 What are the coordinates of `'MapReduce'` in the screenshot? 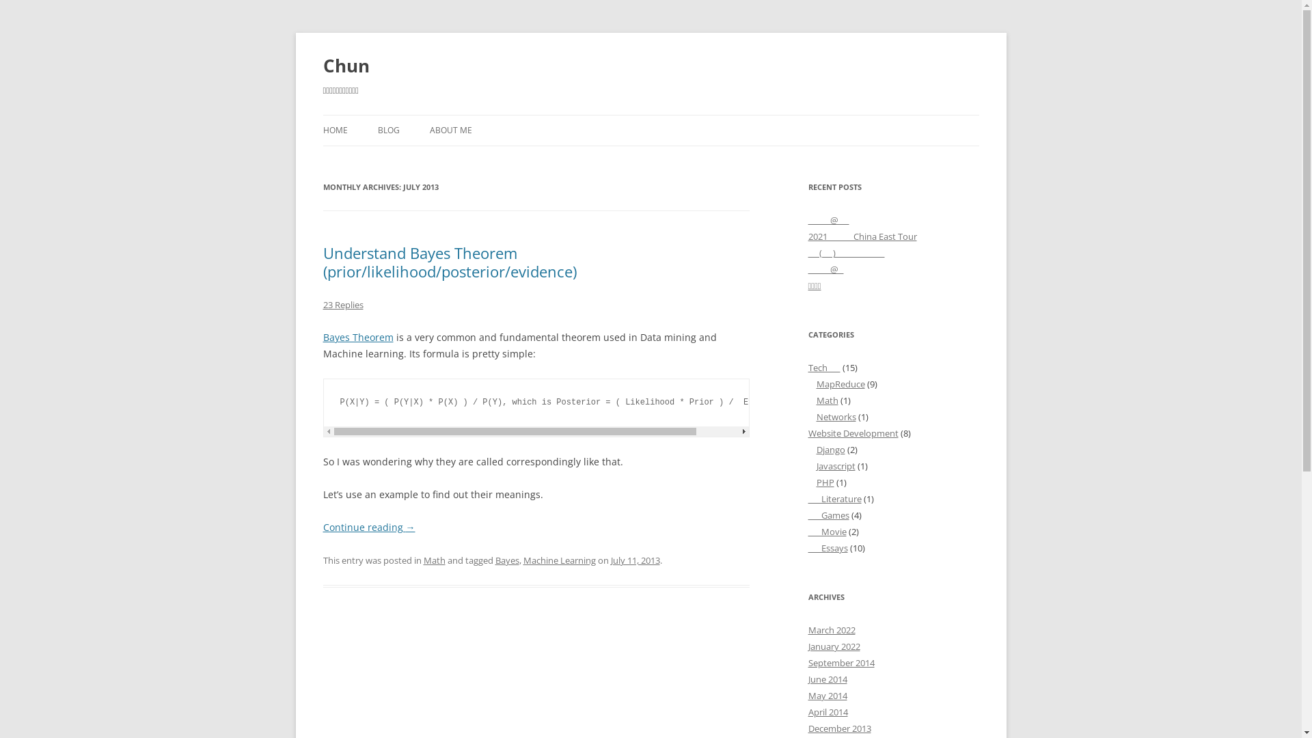 It's located at (839, 384).